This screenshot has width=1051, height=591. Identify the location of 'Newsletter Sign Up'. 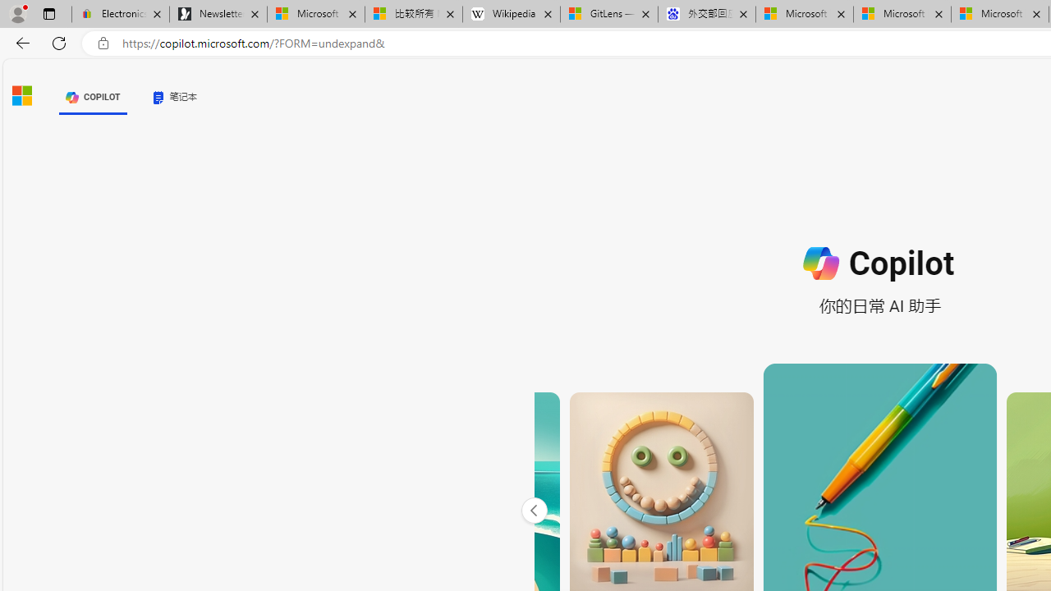
(218, 14).